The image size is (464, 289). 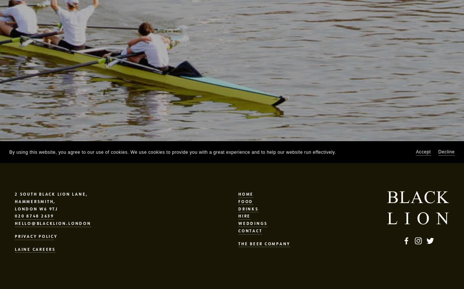 I want to click on 'contact', so click(x=238, y=230).